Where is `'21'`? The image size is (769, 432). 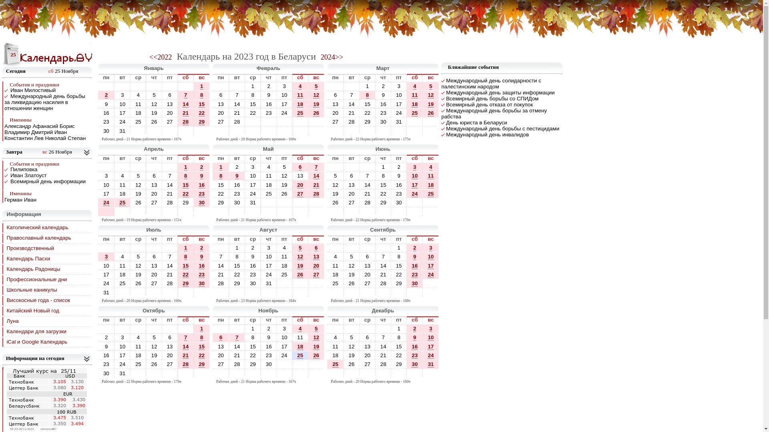 '21' is located at coordinates (236, 113).